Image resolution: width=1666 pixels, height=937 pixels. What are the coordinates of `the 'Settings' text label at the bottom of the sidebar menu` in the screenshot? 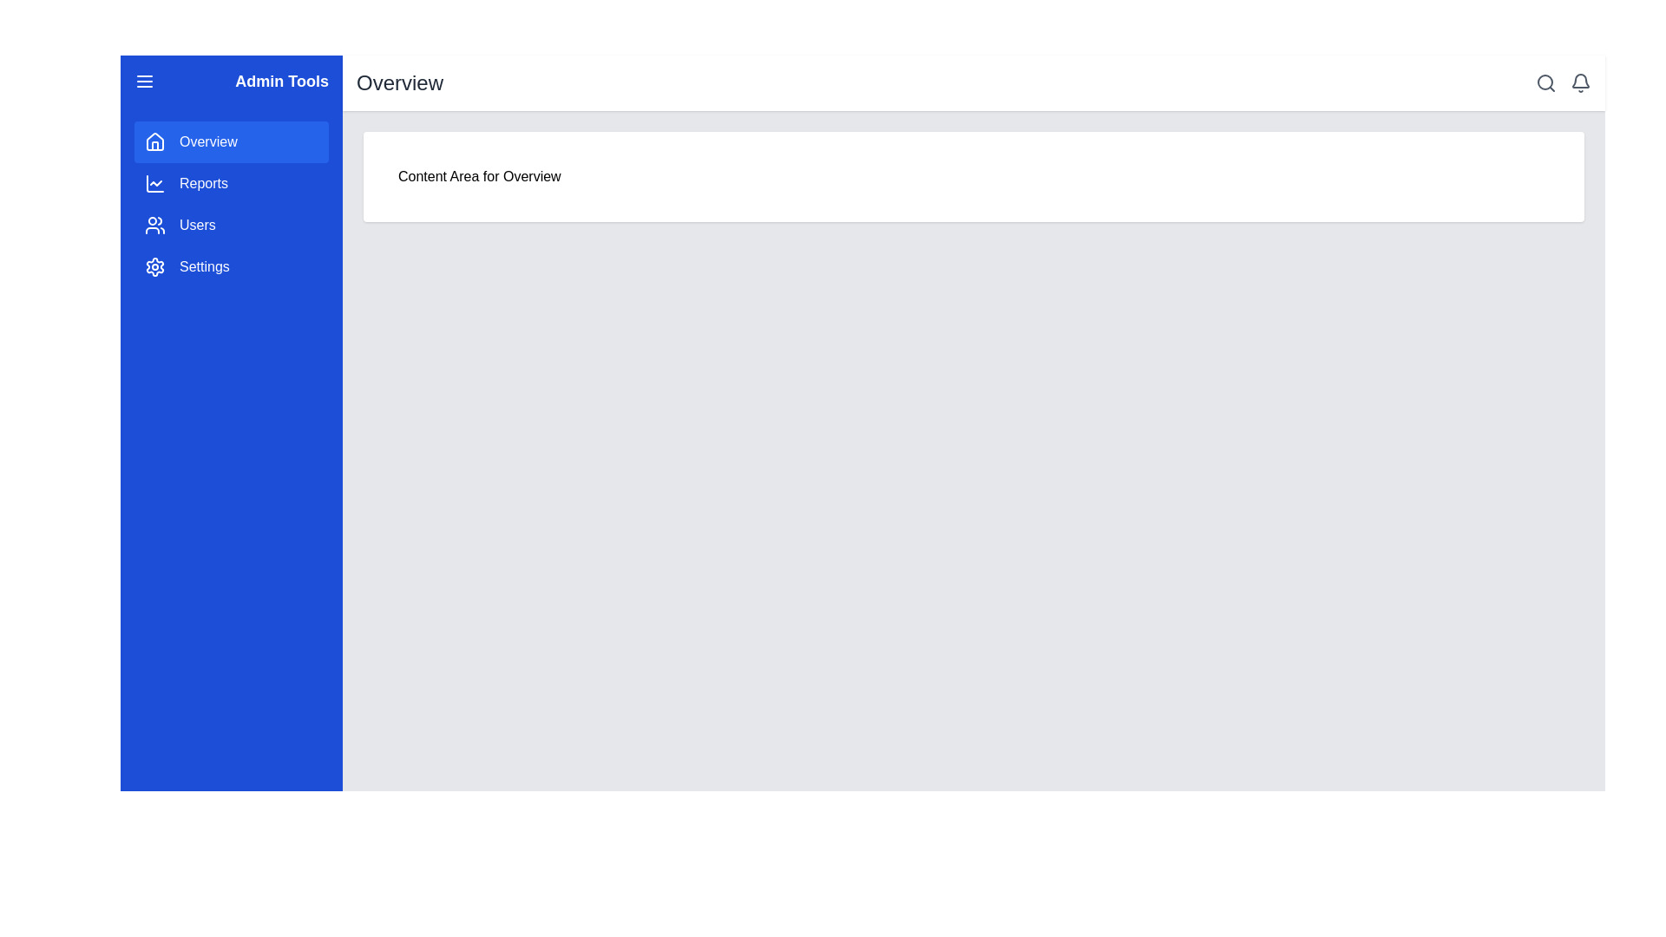 It's located at (204, 267).